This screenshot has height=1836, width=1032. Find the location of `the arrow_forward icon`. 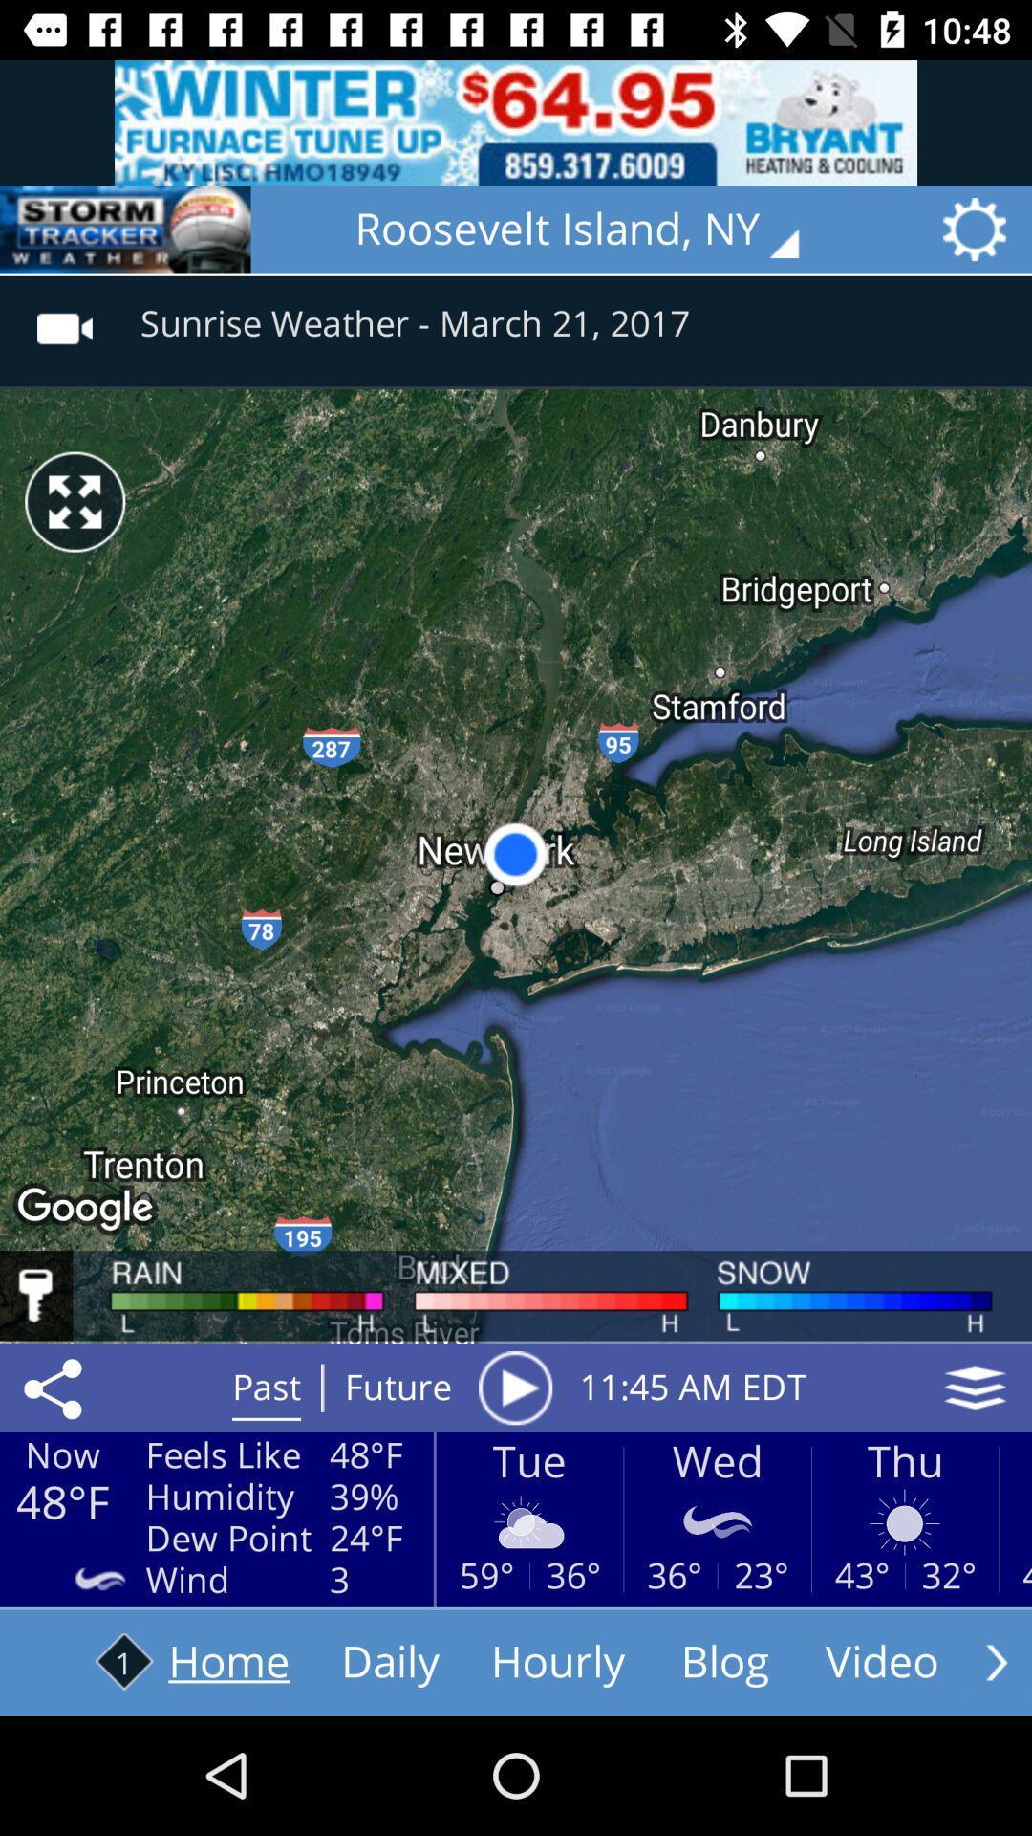

the arrow_forward icon is located at coordinates (996, 1661).